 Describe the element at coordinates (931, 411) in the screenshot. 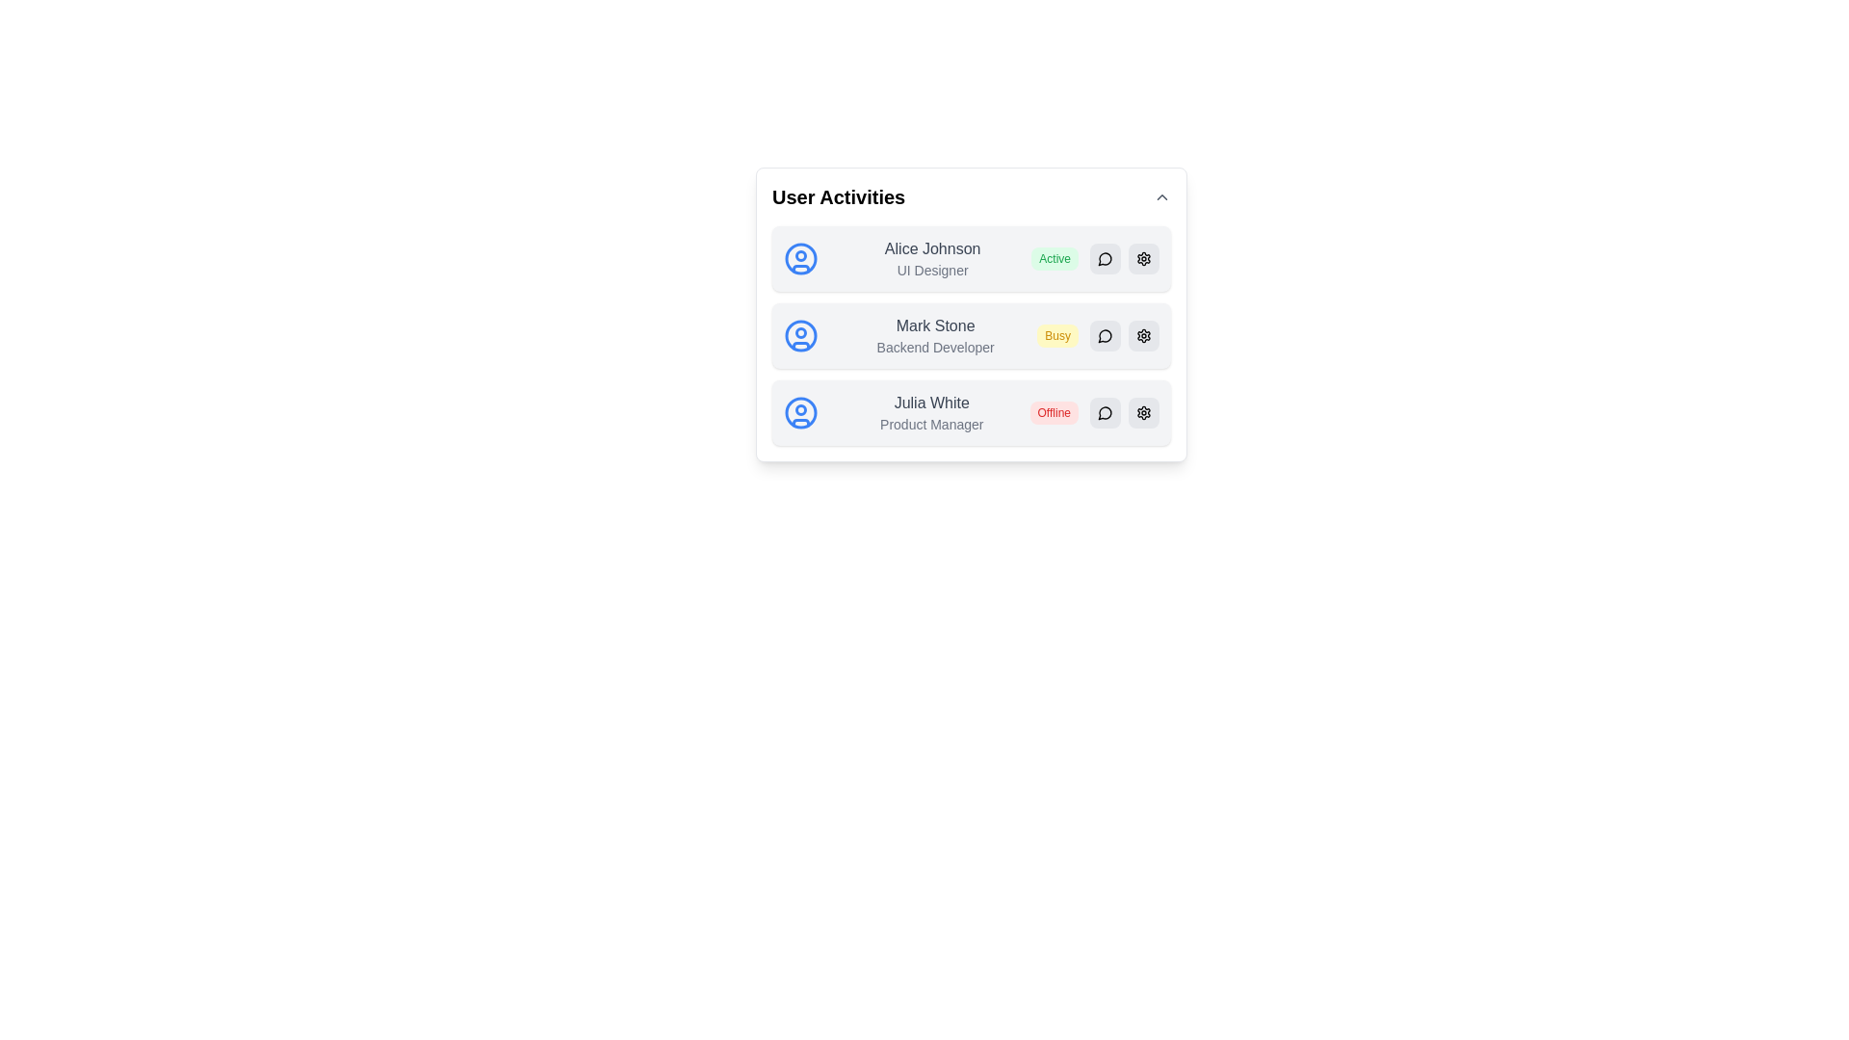

I see `the user identification and role label in the 'User Activities' list, which is located between the blue user icon and the status badge` at that location.